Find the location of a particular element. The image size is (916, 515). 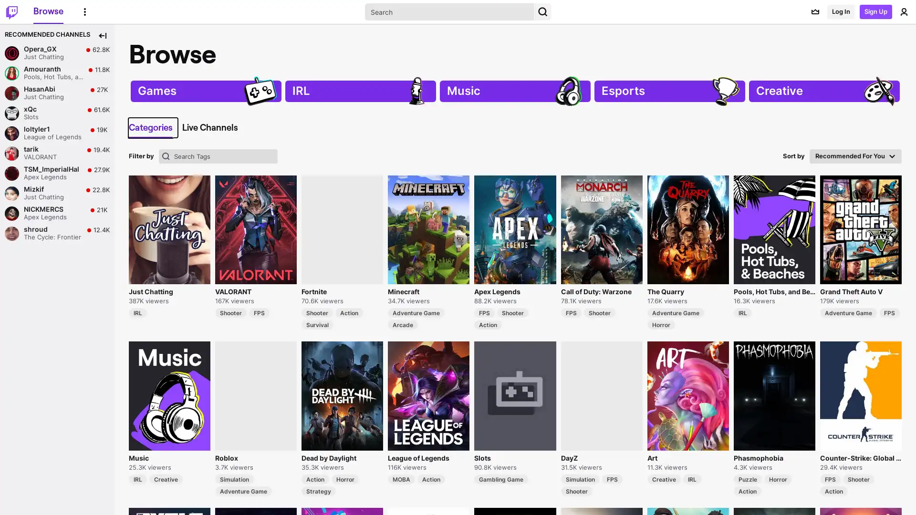

Adventure Game is located at coordinates (848, 312).